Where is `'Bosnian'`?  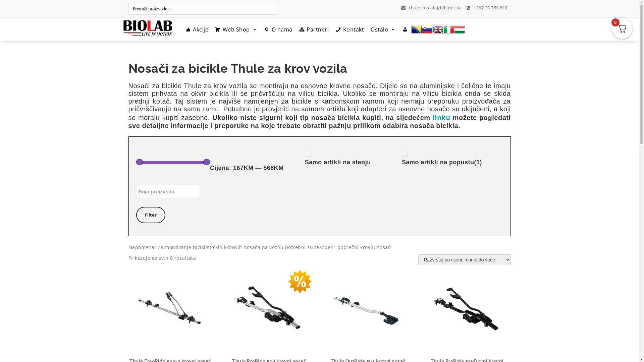
'Bosnian' is located at coordinates (416, 29).